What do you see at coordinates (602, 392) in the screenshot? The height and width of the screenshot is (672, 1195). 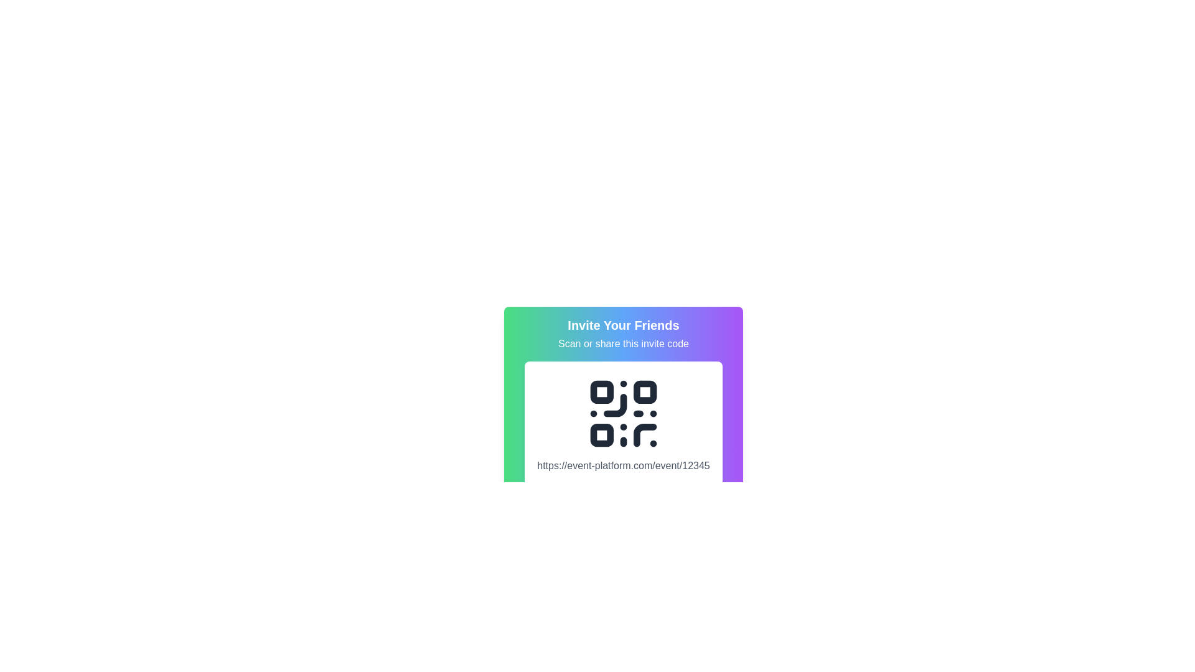 I see `the first square in the QR code located at the top-left corner of the larger QR code area` at bounding box center [602, 392].